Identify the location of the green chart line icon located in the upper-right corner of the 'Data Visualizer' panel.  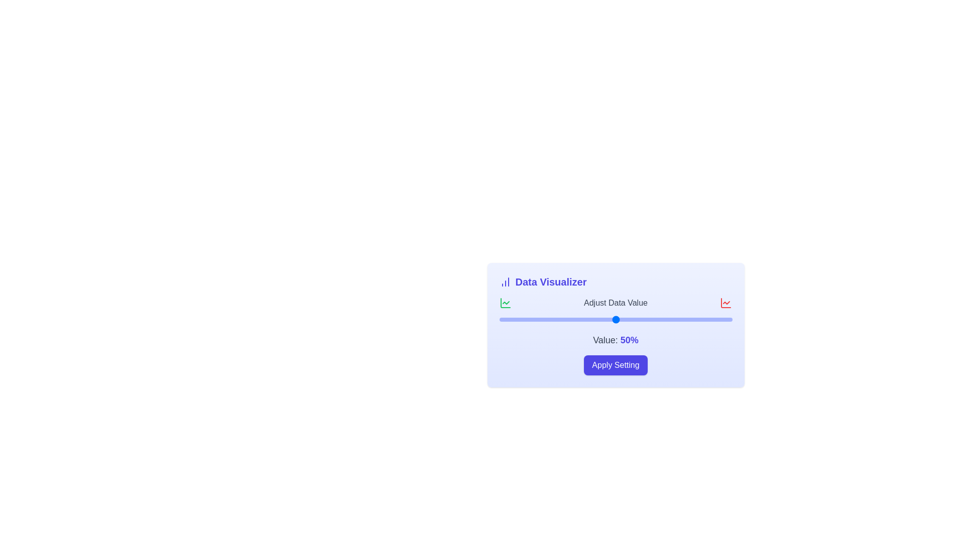
(505, 303).